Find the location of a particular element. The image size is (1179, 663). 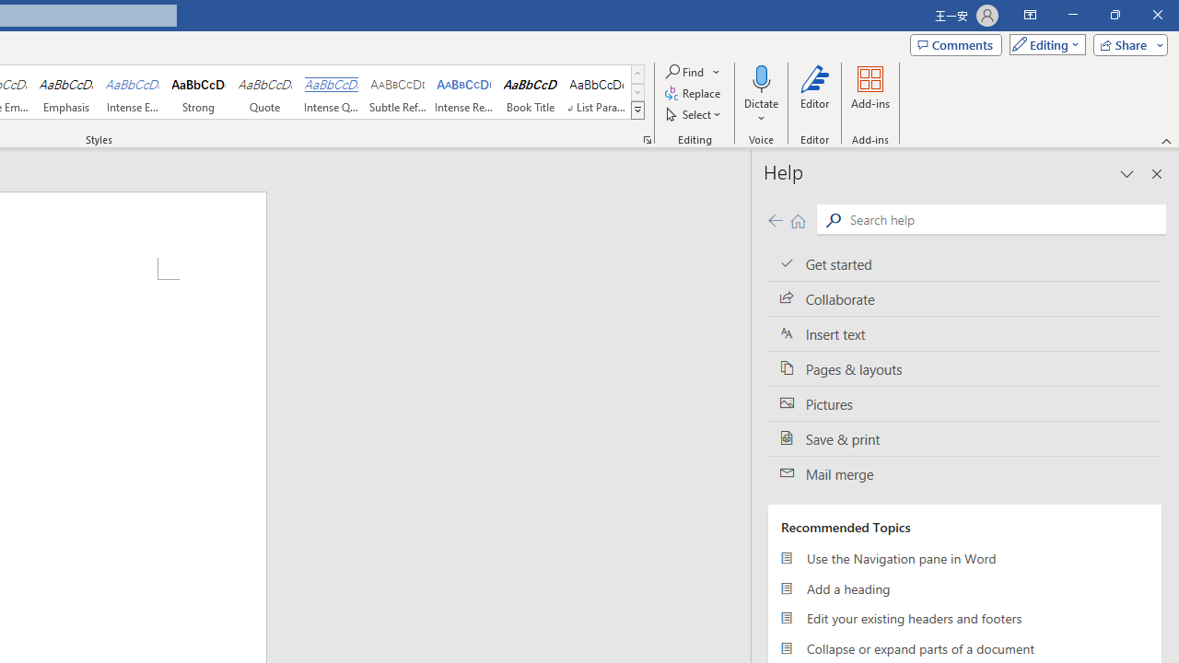

'Intense Emphasis' is located at coordinates (132, 92).